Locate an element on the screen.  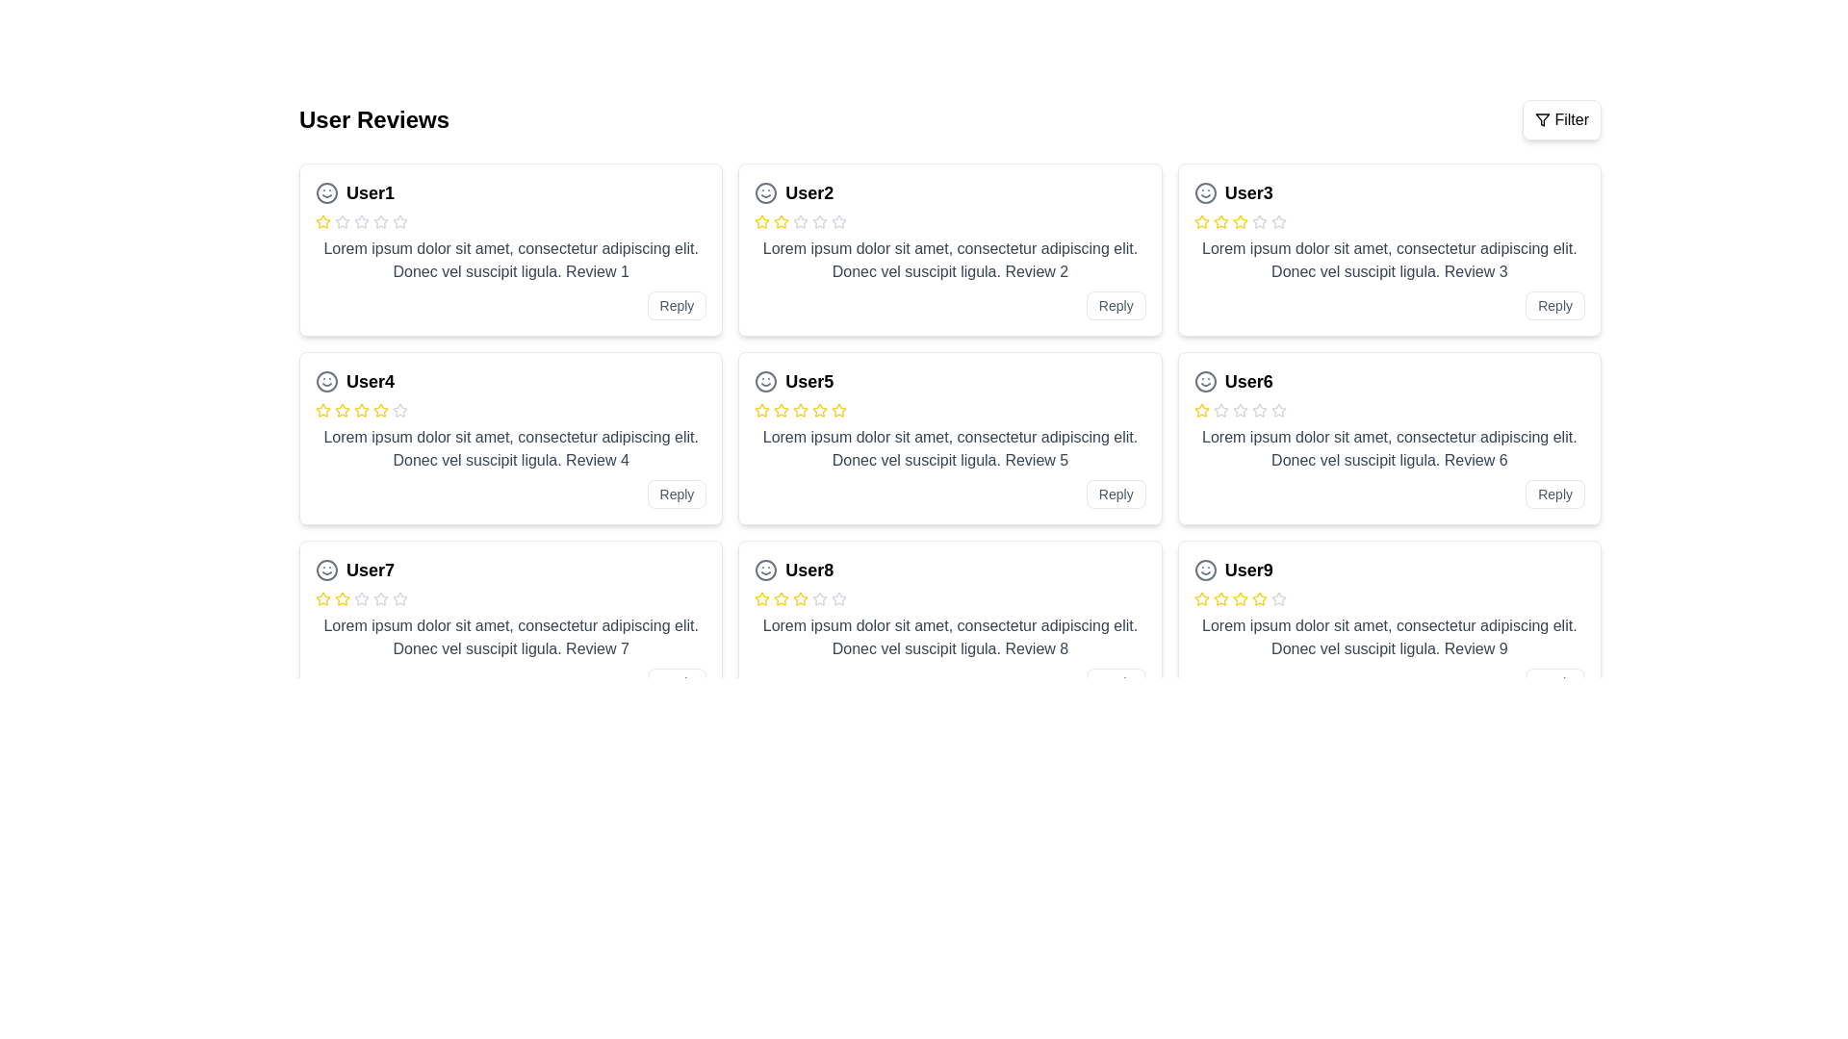
the smiley face icon associated with the user review from 'User1' located at the top-left corner of the reviews grid is located at coordinates (327, 192).